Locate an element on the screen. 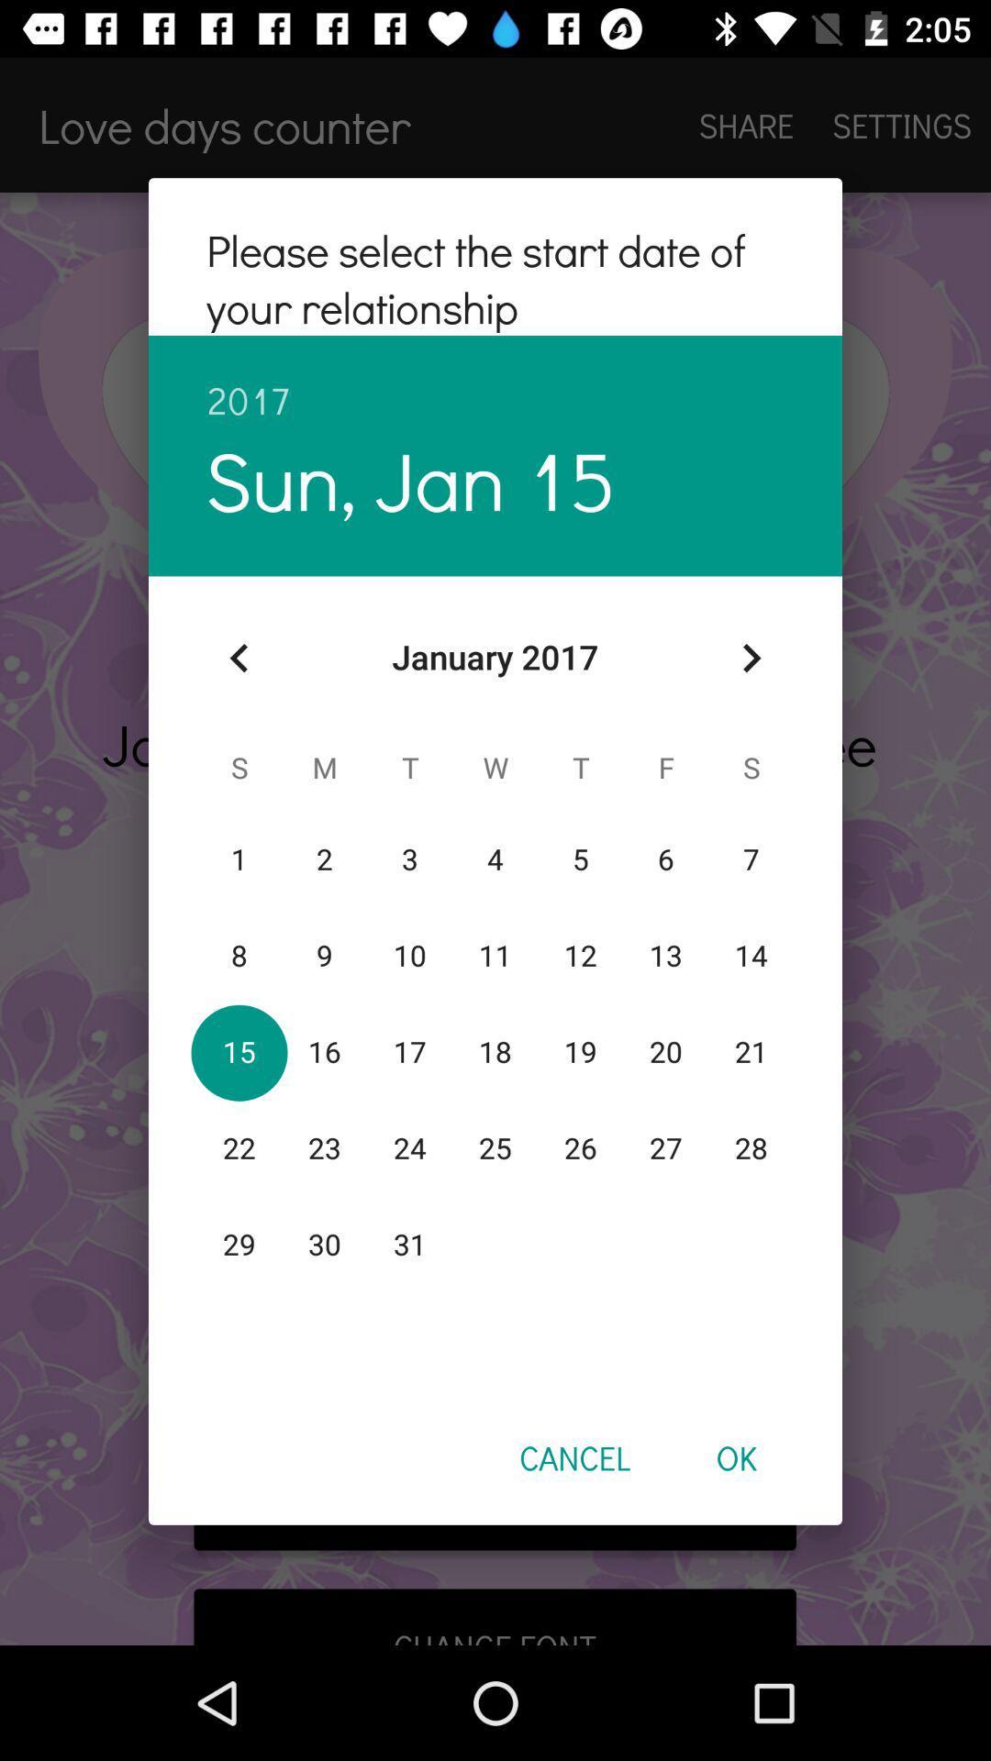  icon above the ok icon is located at coordinates (751, 658).